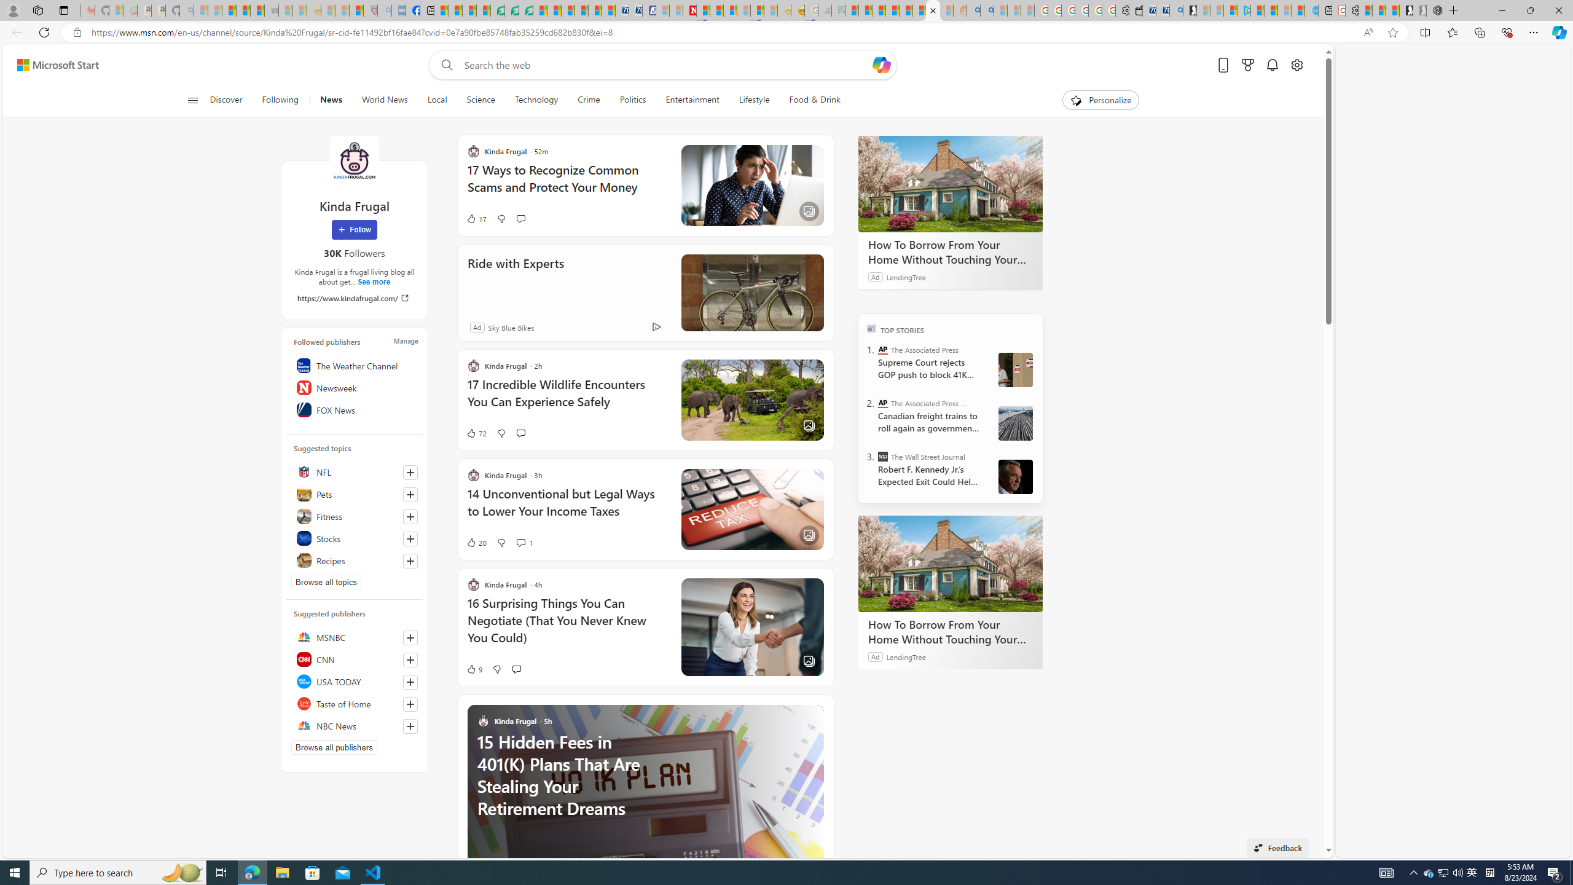 This screenshot has height=885, width=1573. What do you see at coordinates (588, 100) in the screenshot?
I see `'Crime'` at bounding box center [588, 100].